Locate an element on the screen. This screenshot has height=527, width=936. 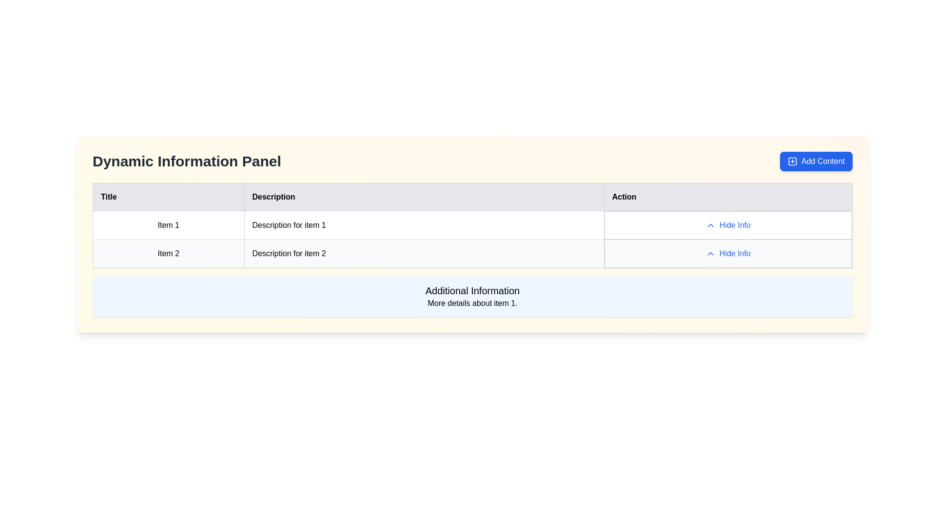
the upward-pointing chevron icon button with a thin blue outline located to the left of the text 'Hide Info' in the first row of the Action column in the table is located at coordinates (710, 225).